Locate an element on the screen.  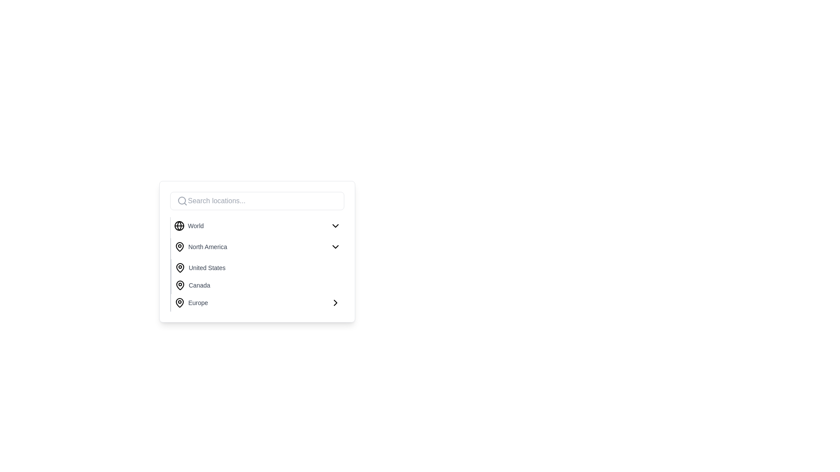
the Text label representing the selectable geographic location Canada, located in the fourth row of the location selection menu to the right of the map pin icon is located at coordinates (199, 285).